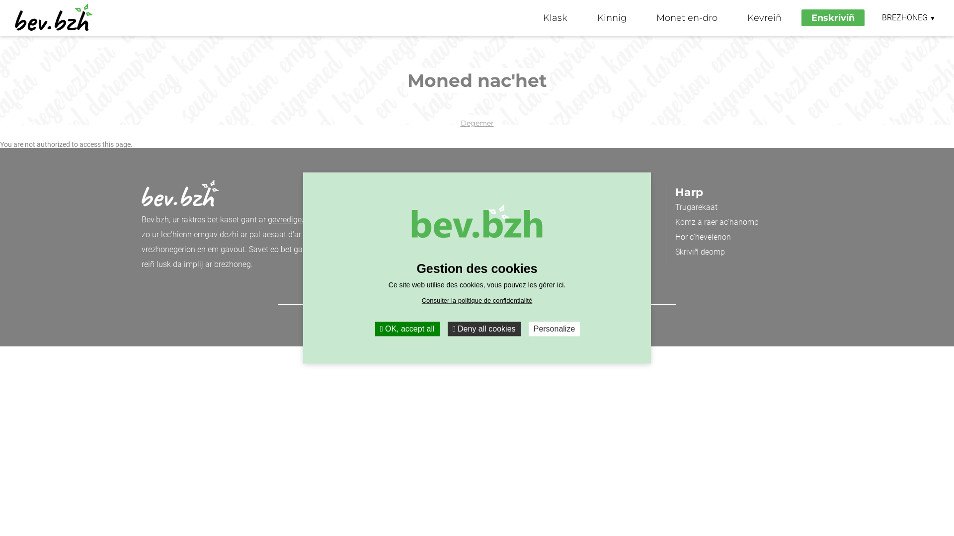 This screenshot has height=536, width=954. I want to click on 'Personalize', so click(554, 329).